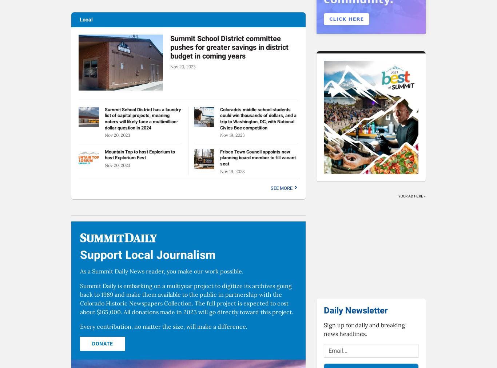 The width and height of the screenshot is (497, 368). I want to click on 'As a Summit Daily News reader, you make our work possible.', so click(80, 271).